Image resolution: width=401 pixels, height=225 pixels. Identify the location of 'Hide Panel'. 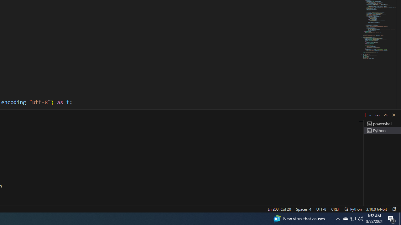
(393, 115).